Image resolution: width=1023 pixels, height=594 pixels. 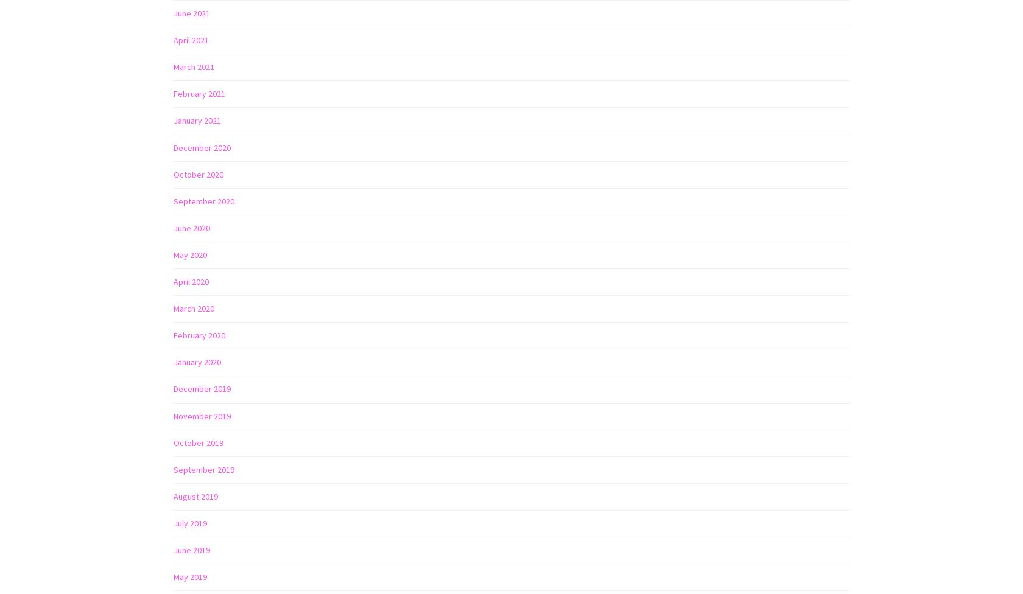 What do you see at coordinates (190, 254) in the screenshot?
I see `'May 2020'` at bounding box center [190, 254].